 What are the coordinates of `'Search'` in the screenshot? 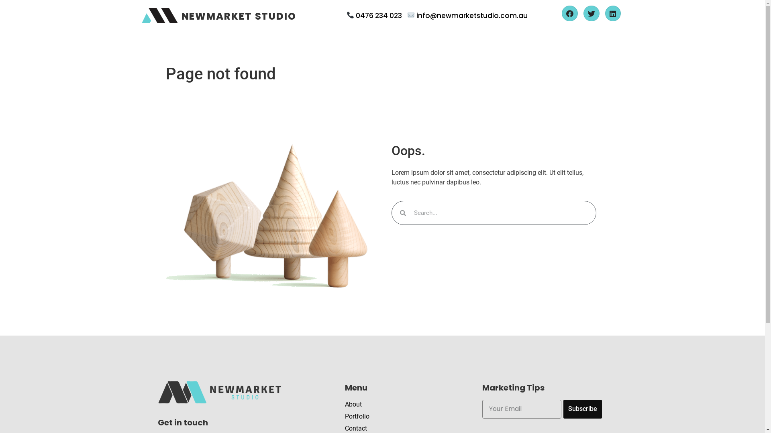 It's located at (500, 212).